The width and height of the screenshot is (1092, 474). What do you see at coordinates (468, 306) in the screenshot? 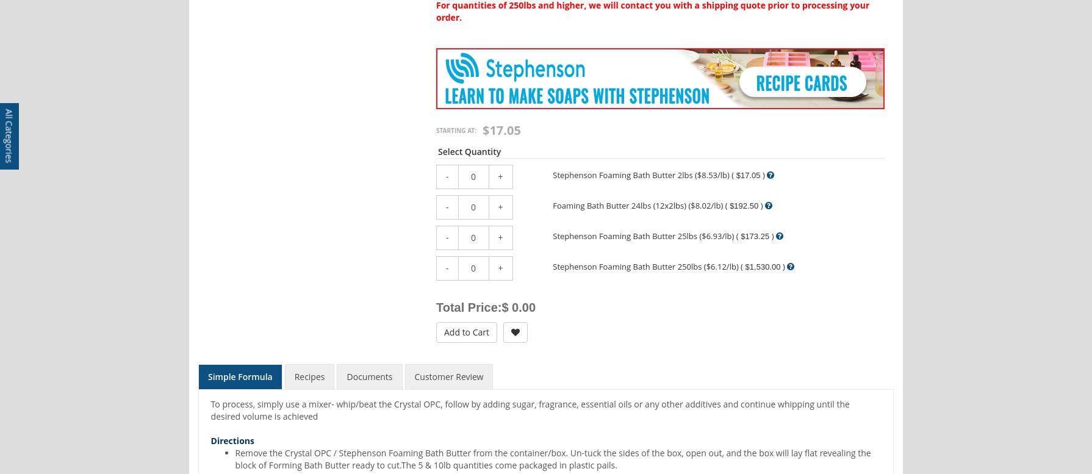
I see `'Total Price:'` at bounding box center [468, 306].